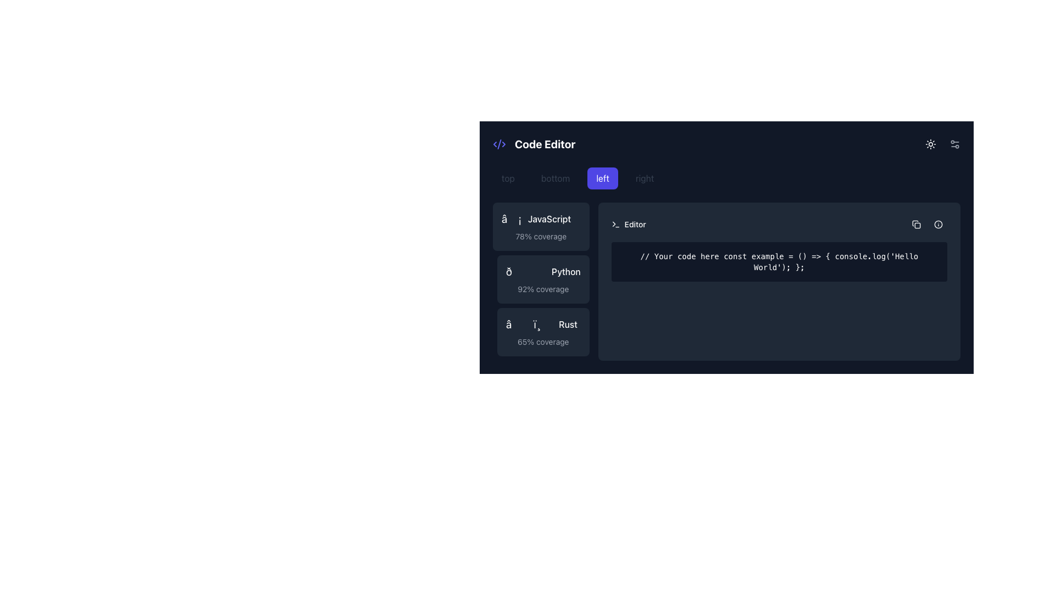 This screenshot has width=1055, height=593. I want to click on the 'Rust' informational card, which shows a coverage metric of 65%, located below the 'JavaScript' and 'Python' sections, so click(543, 332).